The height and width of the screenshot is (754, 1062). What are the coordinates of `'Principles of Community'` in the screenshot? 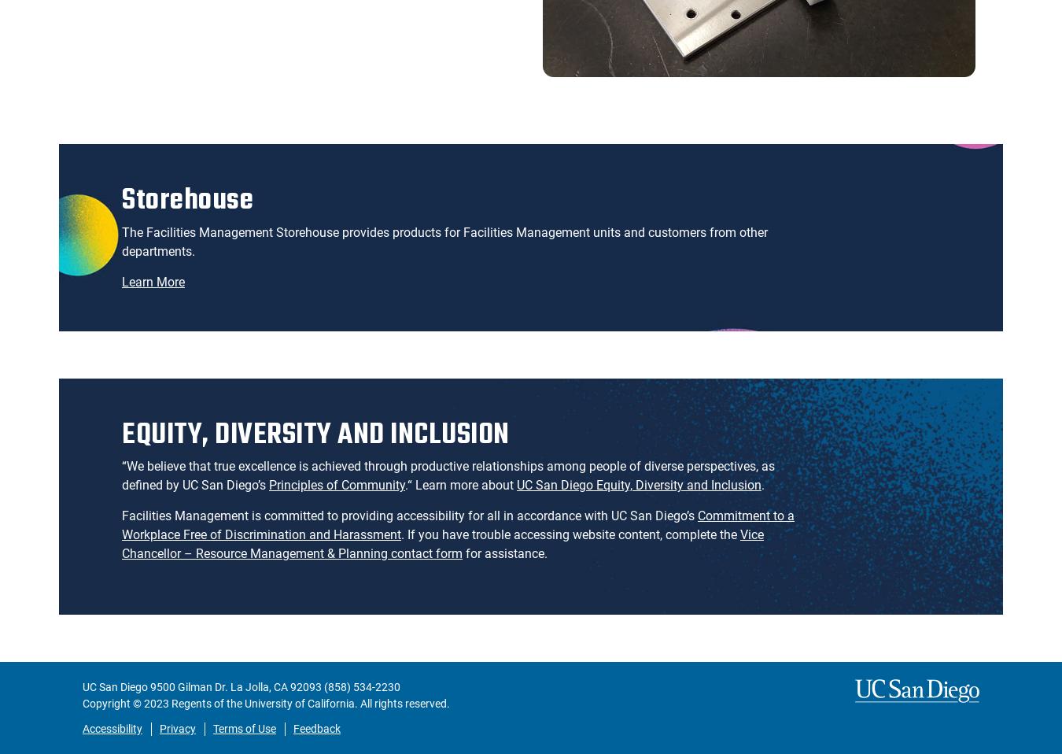 It's located at (268, 485).